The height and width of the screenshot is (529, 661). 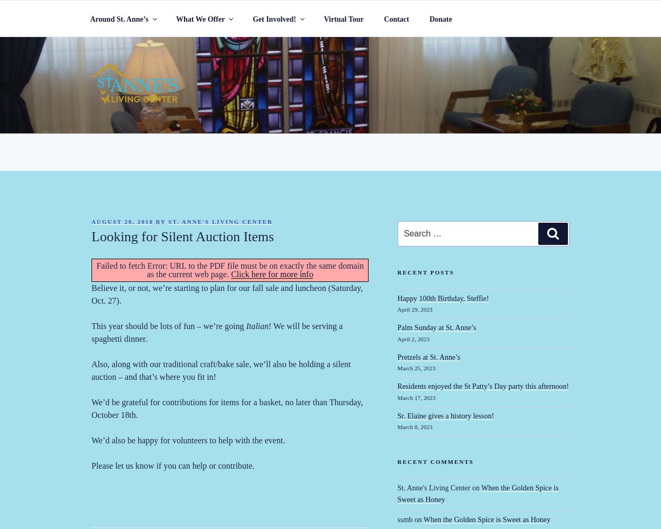 I want to click on 'Believe it, or not, we’re starting to plan for our fall sale and luncheon (Saturday, Oct. 27).', so click(x=227, y=294).